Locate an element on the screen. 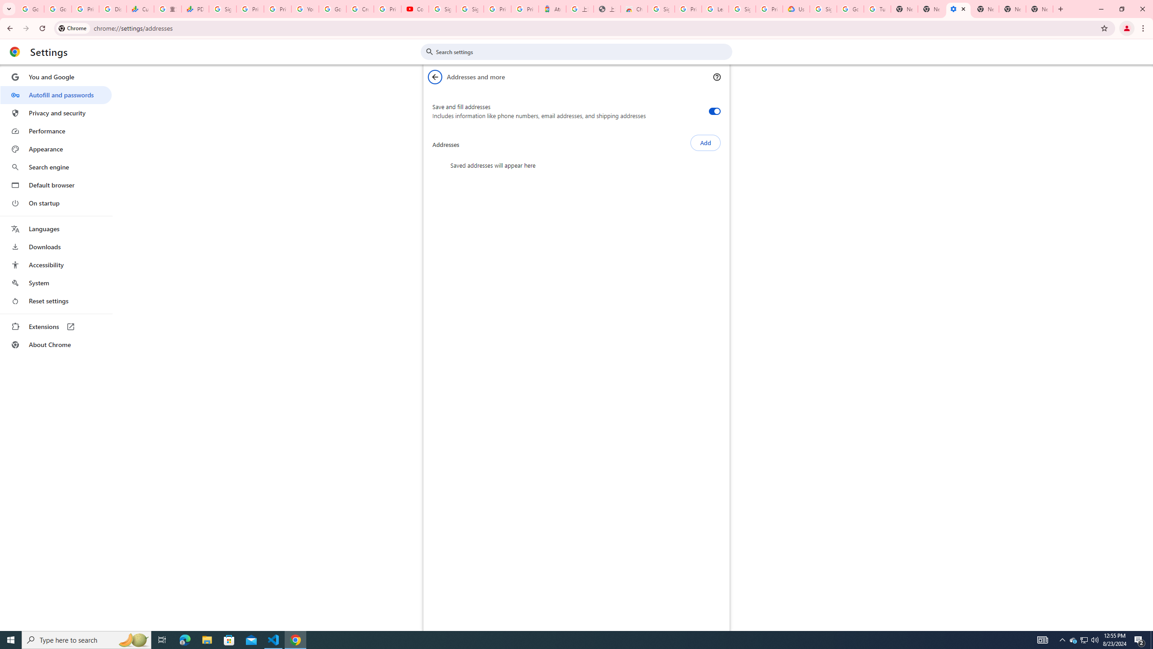 The image size is (1153, 649). 'Languages' is located at coordinates (55, 229).